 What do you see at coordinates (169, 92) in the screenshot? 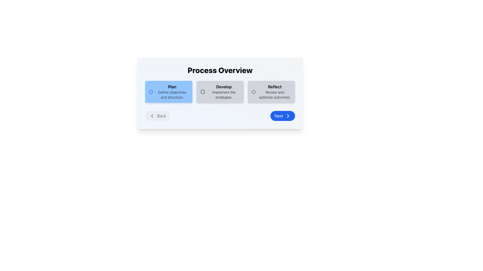
I see `the Step Card element with a blue background, featuring the title 'Plan' and description 'Define objectives and structure.', which is the first card in a sequence of three cards` at bounding box center [169, 92].